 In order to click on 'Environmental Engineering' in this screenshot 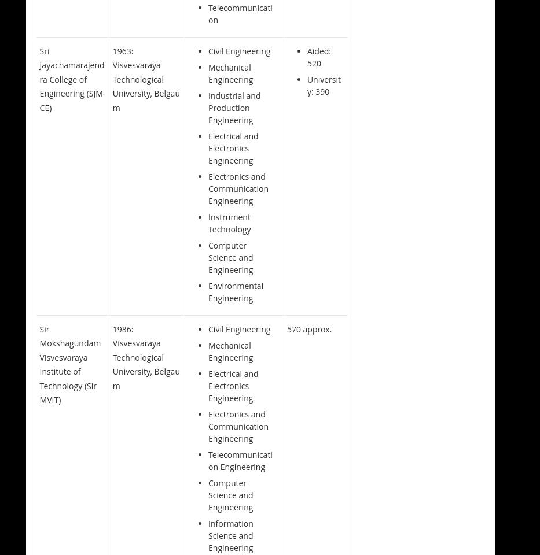, I will do `click(236, 291)`.